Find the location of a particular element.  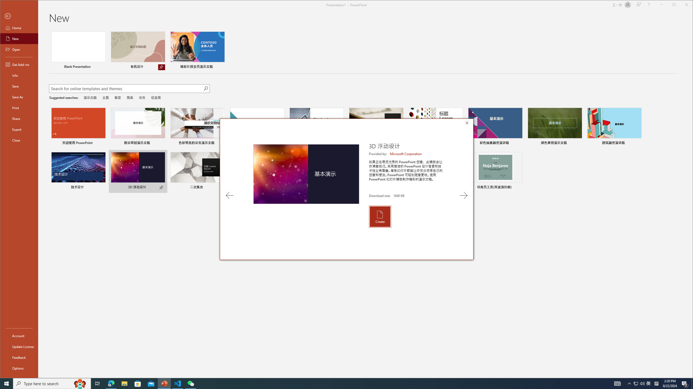

'Get Add-ins' is located at coordinates (19, 64).